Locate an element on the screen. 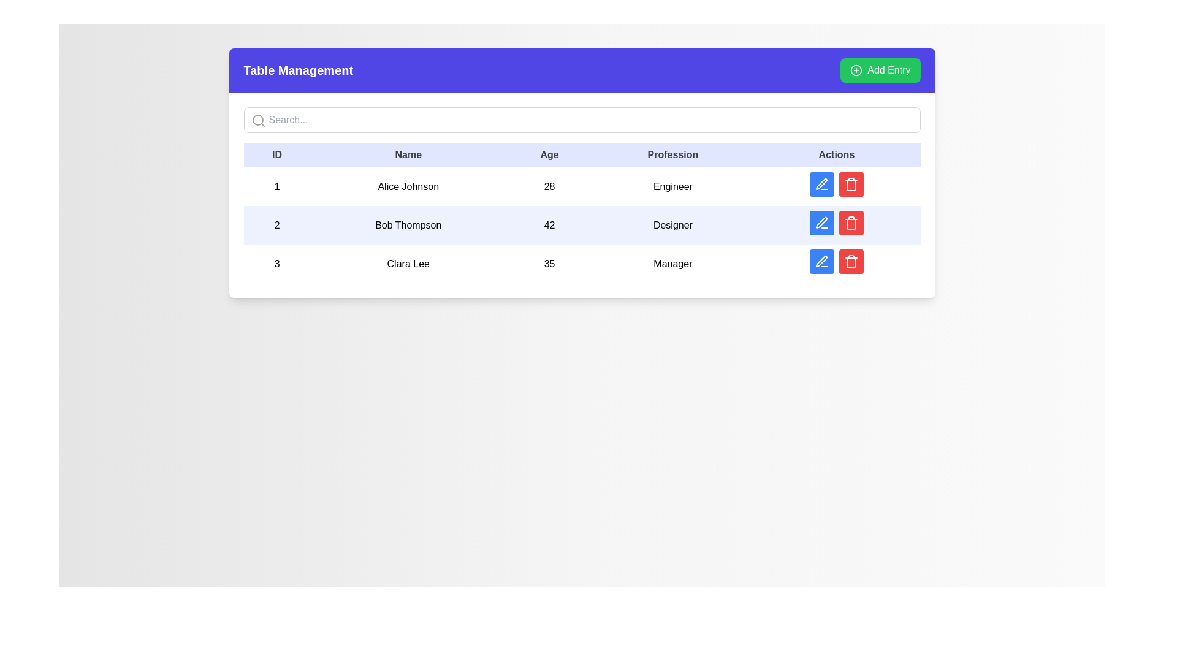 The width and height of the screenshot is (1177, 662). the interactive button group in the last column of the row for 'Alice Johnson' is located at coordinates (836, 186).